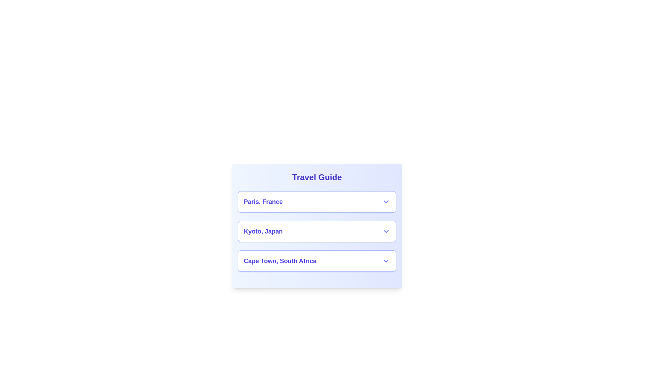 The height and width of the screenshot is (372, 662). I want to click on the dropdown item labeled 'Cape Town, South Africa', so click(317, 261).